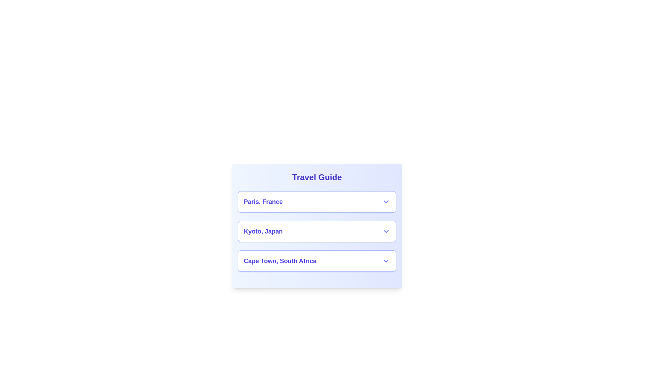 The height and width of the screenshot is (372, 662). I want to click on the dropdown item labeled 'Cape Town, South Africa', so click(317, 261).